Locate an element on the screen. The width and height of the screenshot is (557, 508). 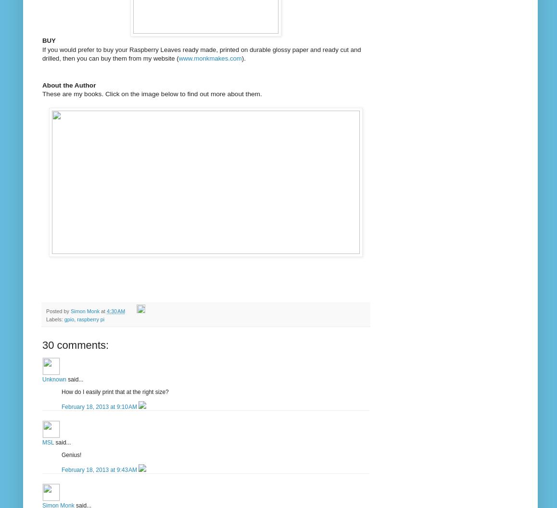
'gpio' is located at coordinates (68, 319).